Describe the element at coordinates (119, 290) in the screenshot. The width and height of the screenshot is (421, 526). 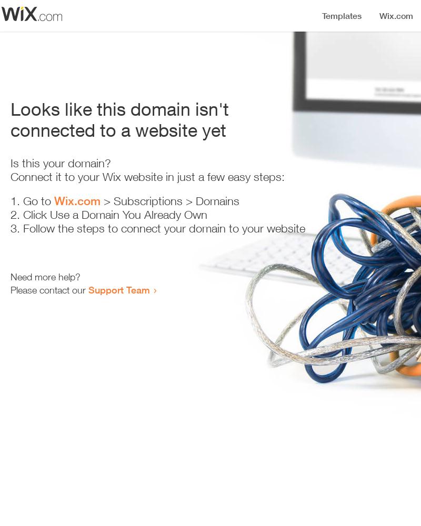
I see `'Support Team'` at that location.